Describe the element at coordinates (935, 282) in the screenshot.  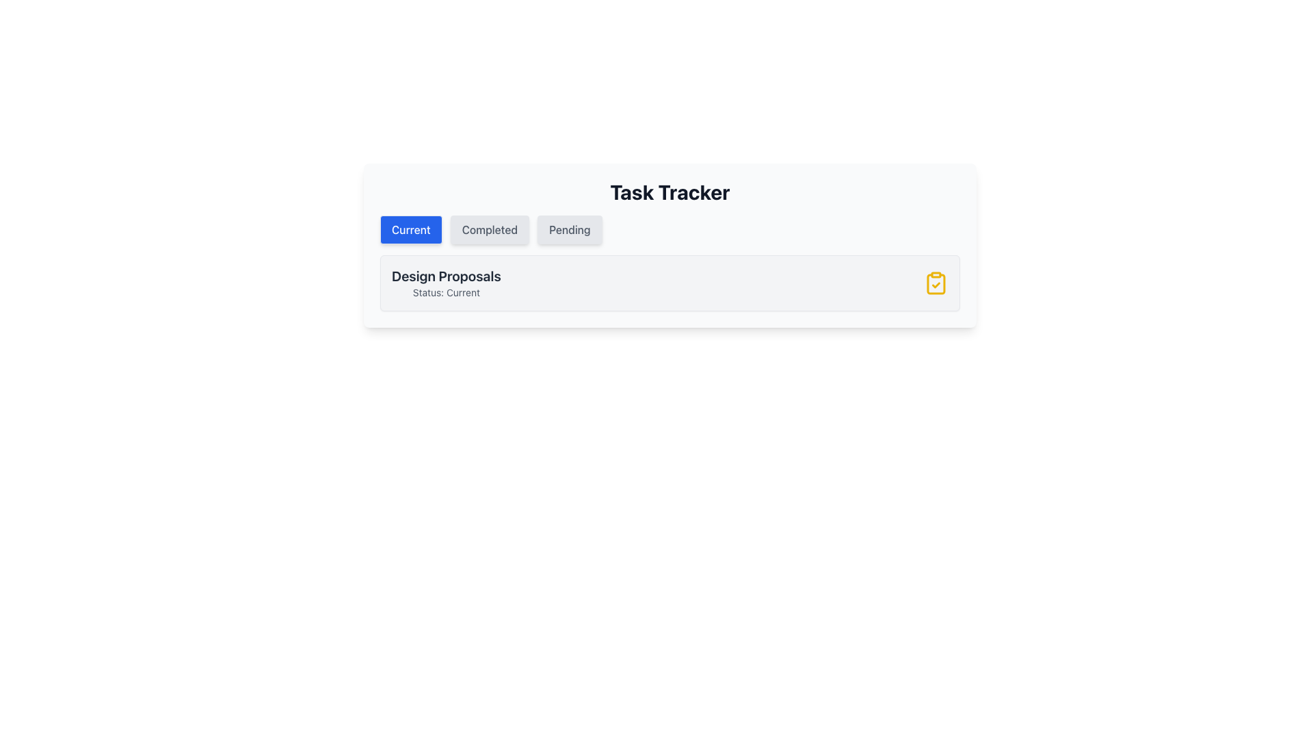
I see `the clipboard icon with a checkmark, styled in bright yellow, located within the 'Design Proposals' section` at that location.